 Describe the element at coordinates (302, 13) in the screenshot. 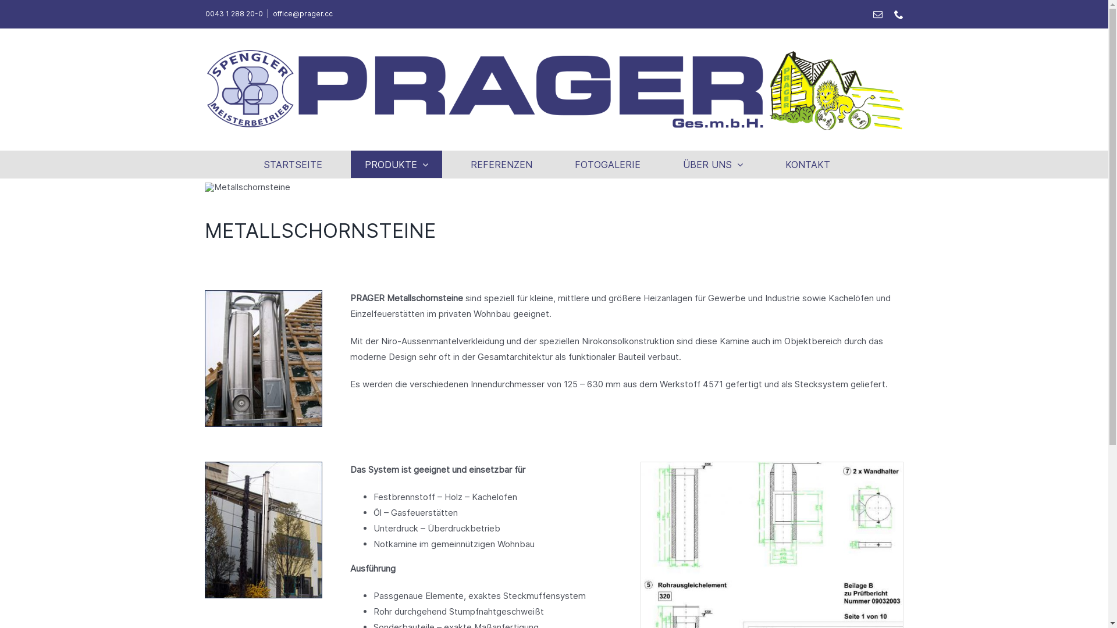

I see `'office@prager.cc'` at that location.